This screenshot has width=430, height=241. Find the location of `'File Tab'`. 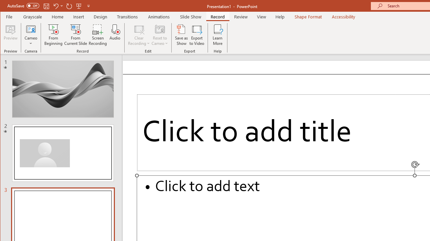

'File Tab' is located at coordinates (9, 16).